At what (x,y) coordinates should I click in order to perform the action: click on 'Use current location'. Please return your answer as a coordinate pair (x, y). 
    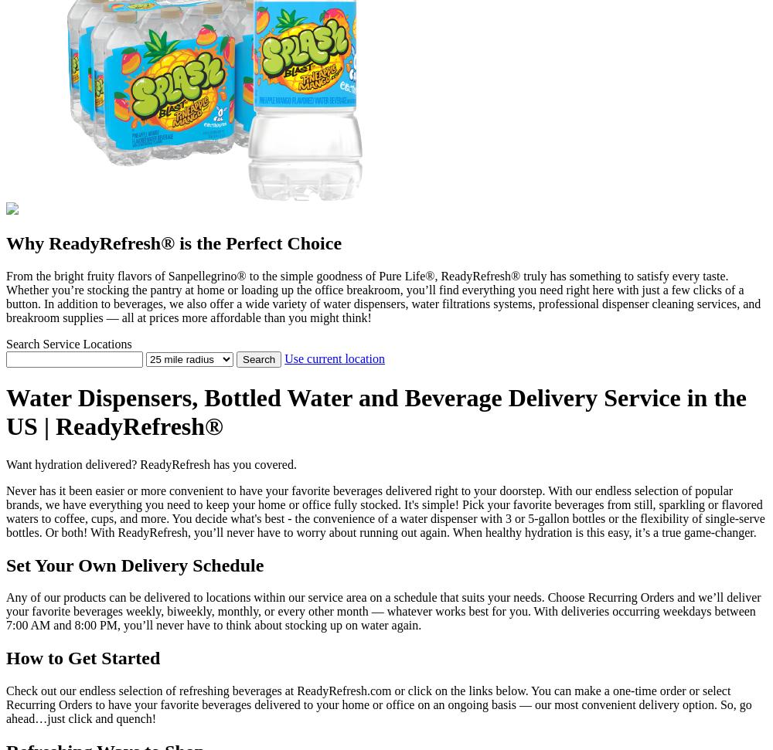
    Looking at the image, I should click on (334, 358).